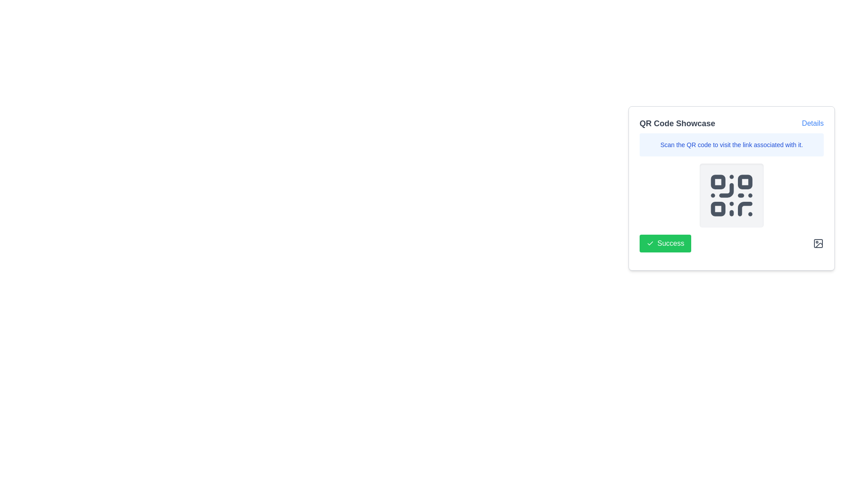 The image size is (854, 480). What do you see at coordinates (718, 209) in the screenshot?
I see `the third small square in the bottom-left corner of the QR code SVG graphic, which is a decorative graphical element contributing to the QR code's design` at bounding box center [718, 209].